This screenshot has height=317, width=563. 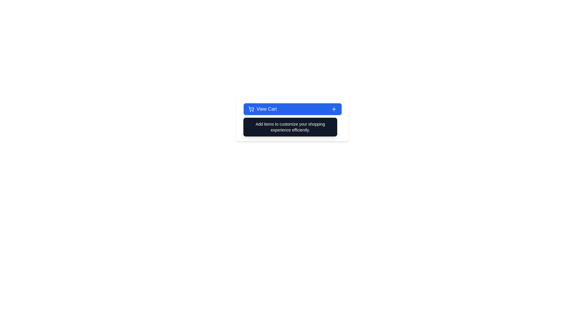 What do you see at coordinates (293, 109) in the screenshot?
I see `the button that triggers actions related` at bounding box center [293, 109].